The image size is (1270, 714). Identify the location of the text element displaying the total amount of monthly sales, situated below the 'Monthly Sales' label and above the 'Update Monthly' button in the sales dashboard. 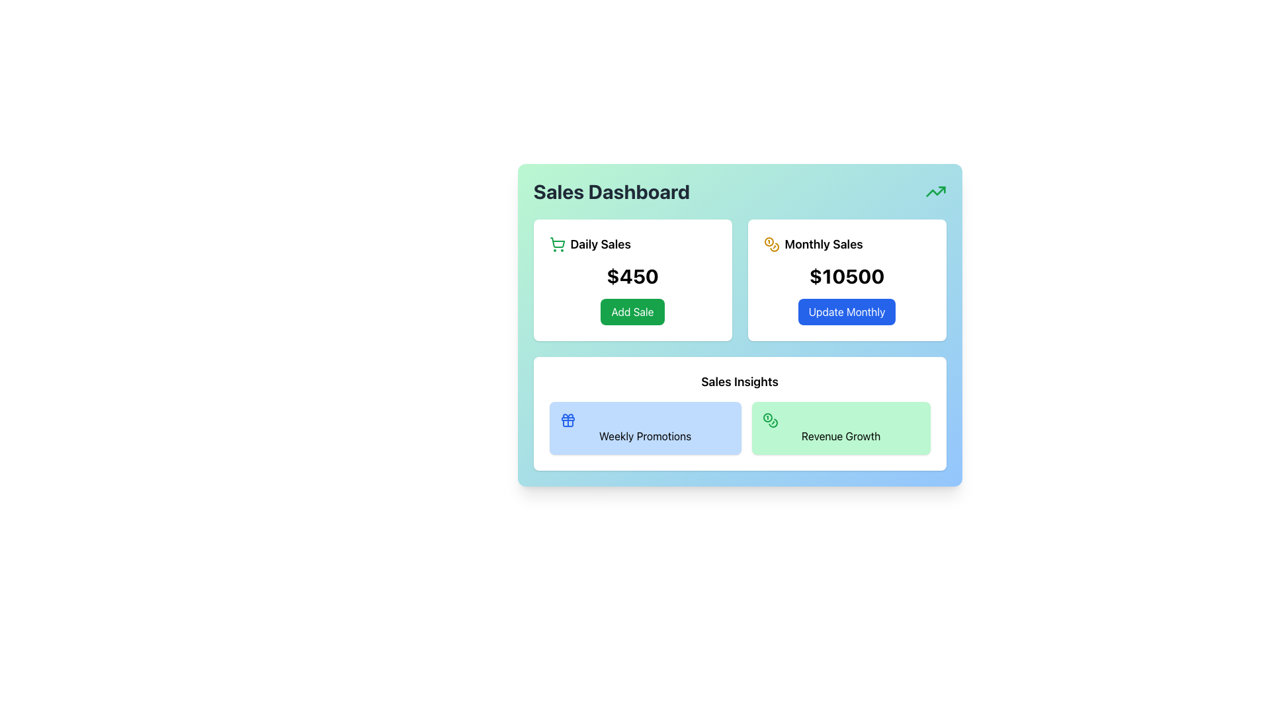
(847, 275).